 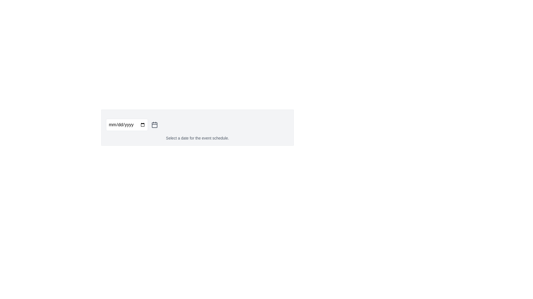 I want to click on the Date picker element, so click(x=197, y=125).